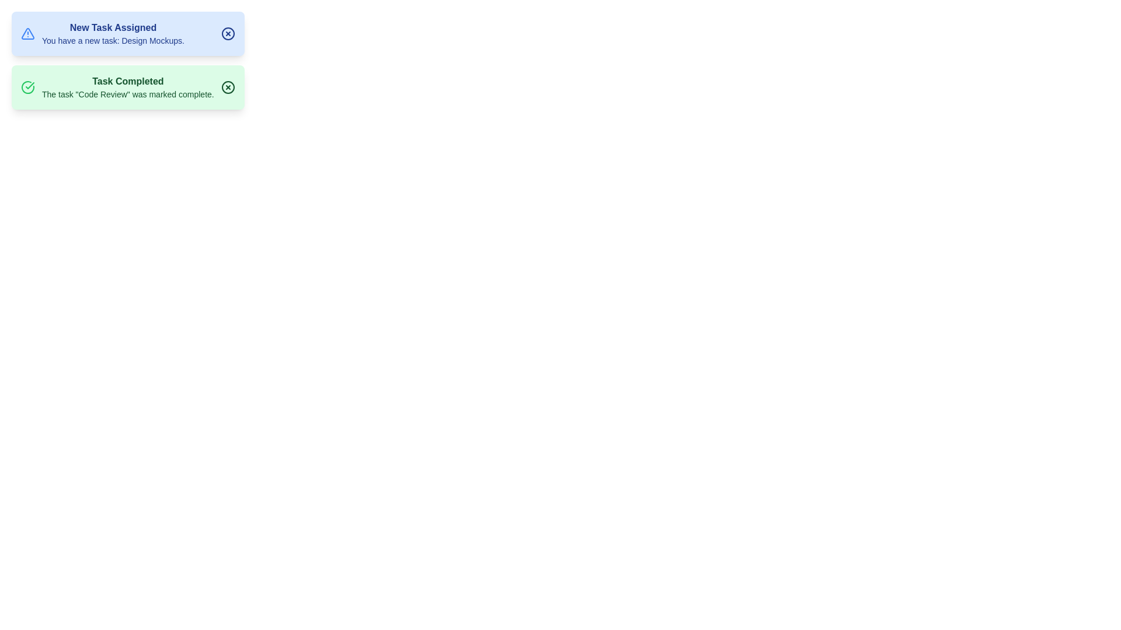  Describe the element at coordinates (228, 87) in the screenshot. I see `close button for the notification titled 'Task Completed'` at that location.